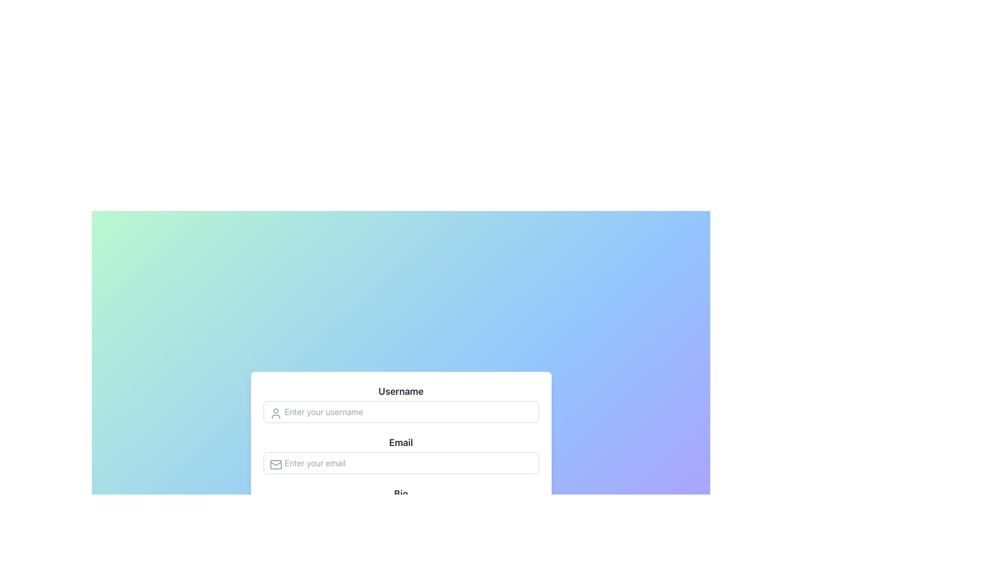 Image resolution: width=1002 pixels, height=564 pixels. I want to click on the Text Label that provides context for the bio input field, so click(400, 494).